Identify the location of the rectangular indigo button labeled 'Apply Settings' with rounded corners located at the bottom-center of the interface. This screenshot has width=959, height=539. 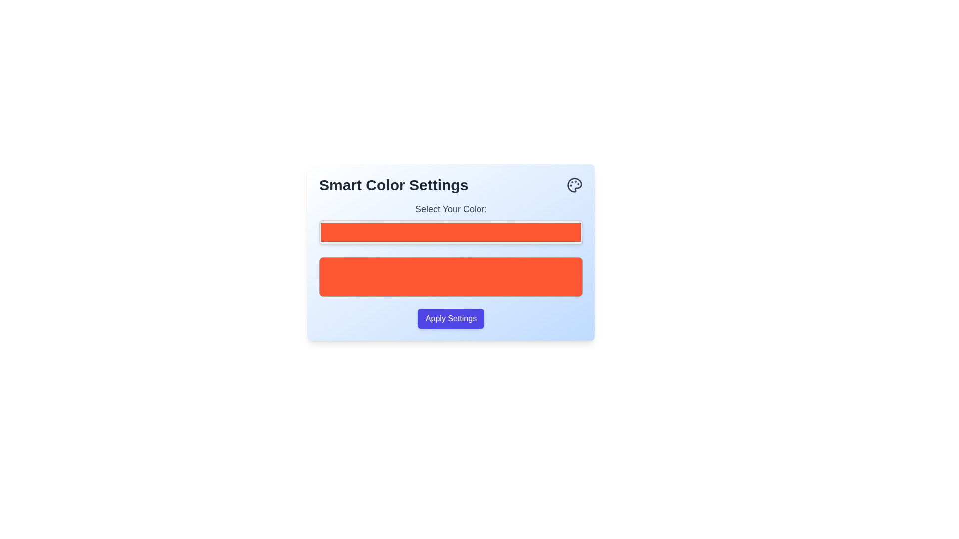
(450, 319).